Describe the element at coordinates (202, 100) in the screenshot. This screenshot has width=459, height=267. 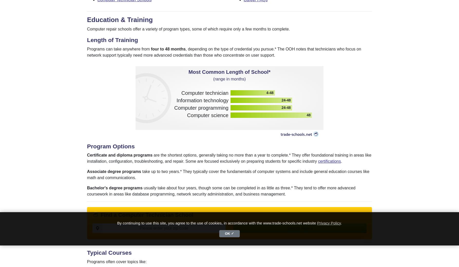
I see `'Information technology'` at that location.